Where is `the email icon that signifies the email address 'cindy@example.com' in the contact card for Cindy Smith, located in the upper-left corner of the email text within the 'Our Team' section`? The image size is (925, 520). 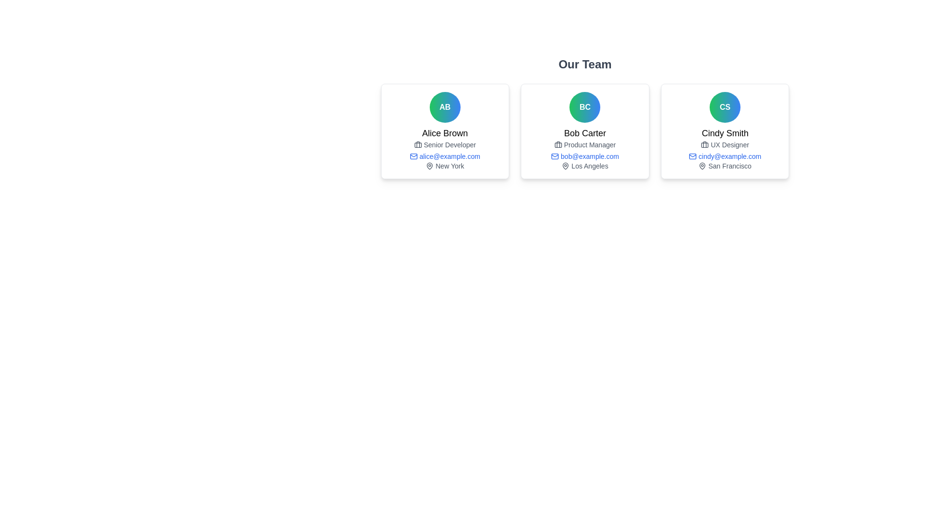
the email icon that signifies the email address 'cindy@example.com' in the contact card for Cindy Smith, located in the upper-left corner of the email text within the 'Our Team' section is located at coordinates (692, 156).